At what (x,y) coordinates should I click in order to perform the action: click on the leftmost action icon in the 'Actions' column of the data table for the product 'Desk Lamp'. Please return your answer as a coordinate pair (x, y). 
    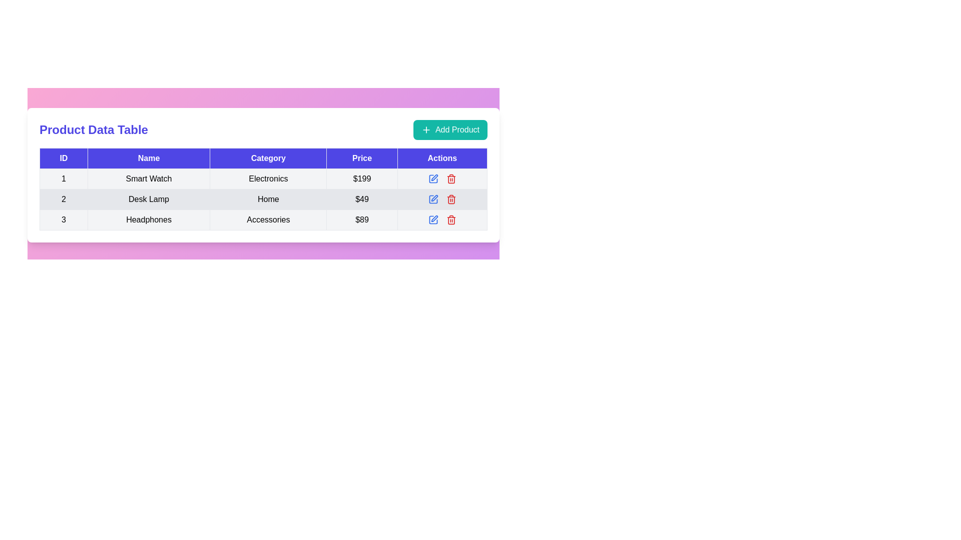
    Looking at the image, I should click on (433, 199).